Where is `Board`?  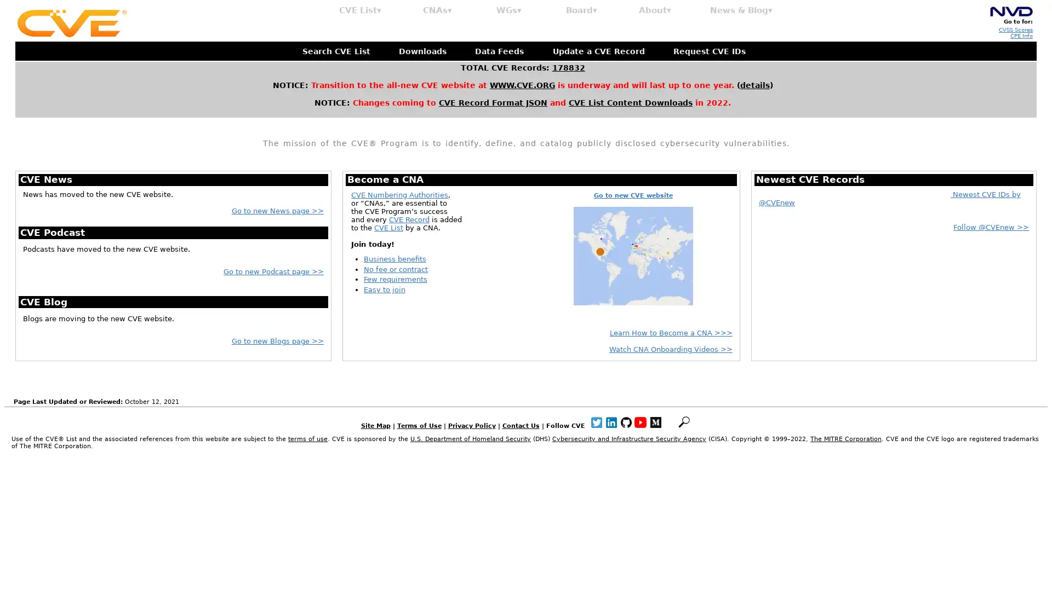
Board is located at coordinates (581, 10).